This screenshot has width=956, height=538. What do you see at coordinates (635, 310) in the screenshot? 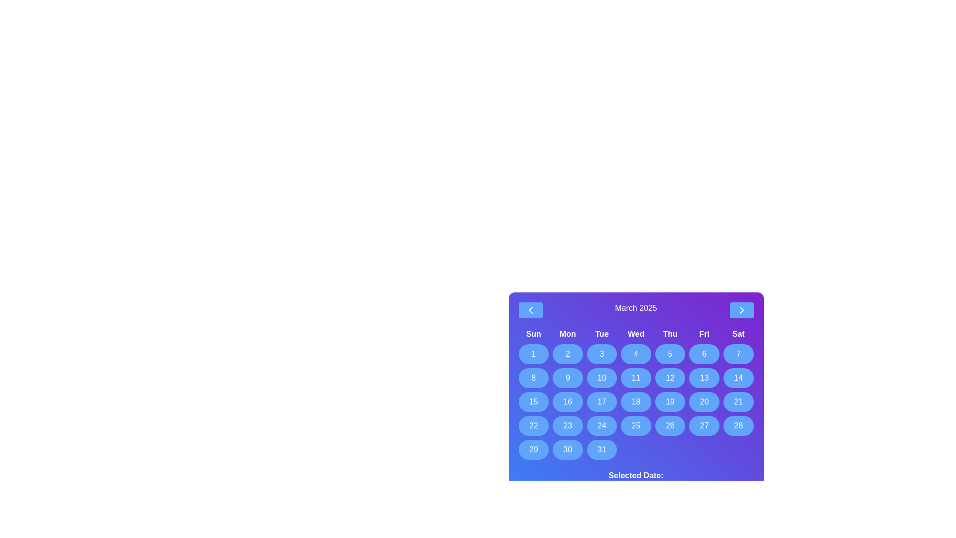
I see `the label displaying 'March 2025', which is centrally located near the top of the calendar component, set against a gradient background transitioning from blue to purple` at bounding box center [635, 310].